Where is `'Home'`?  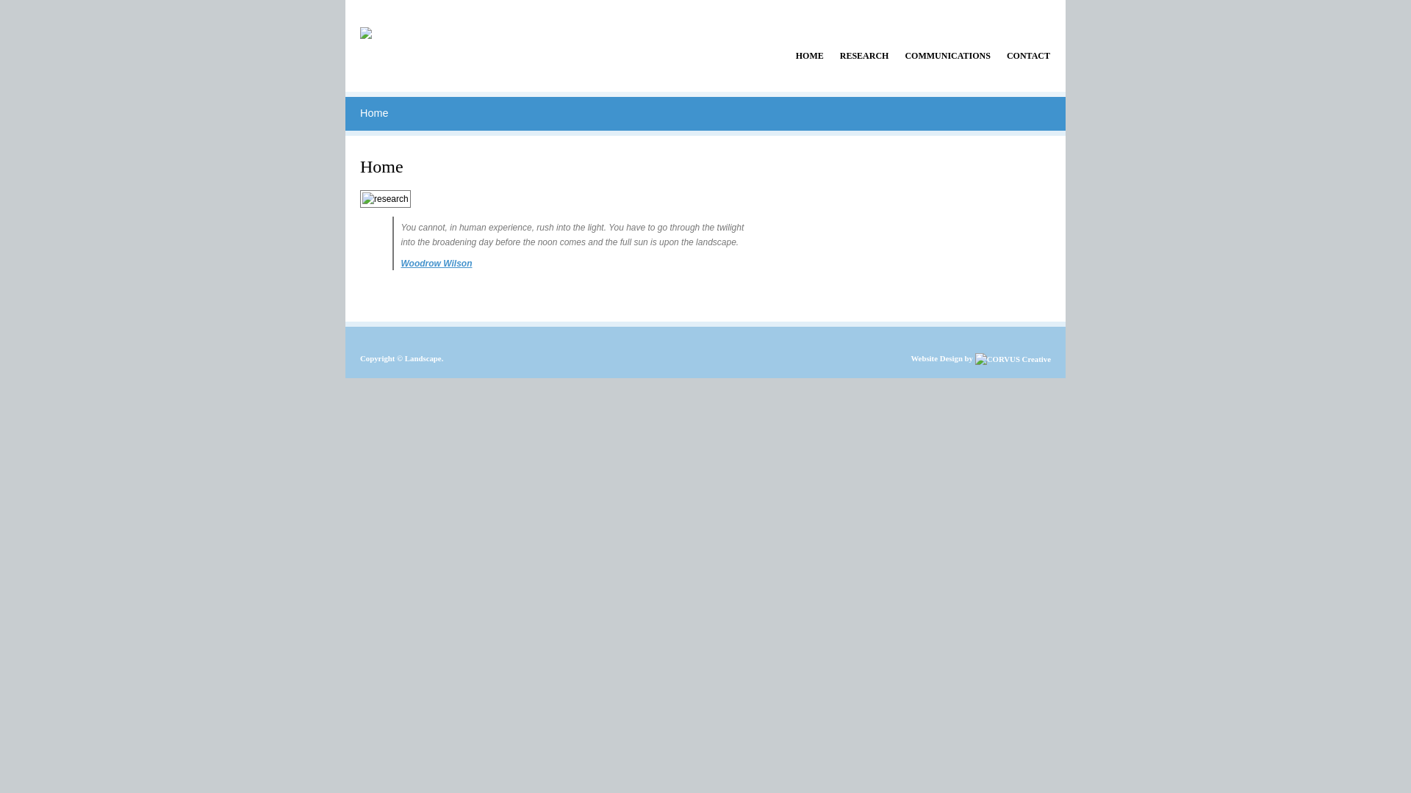
'Home' is located at coordinates (359, 112).